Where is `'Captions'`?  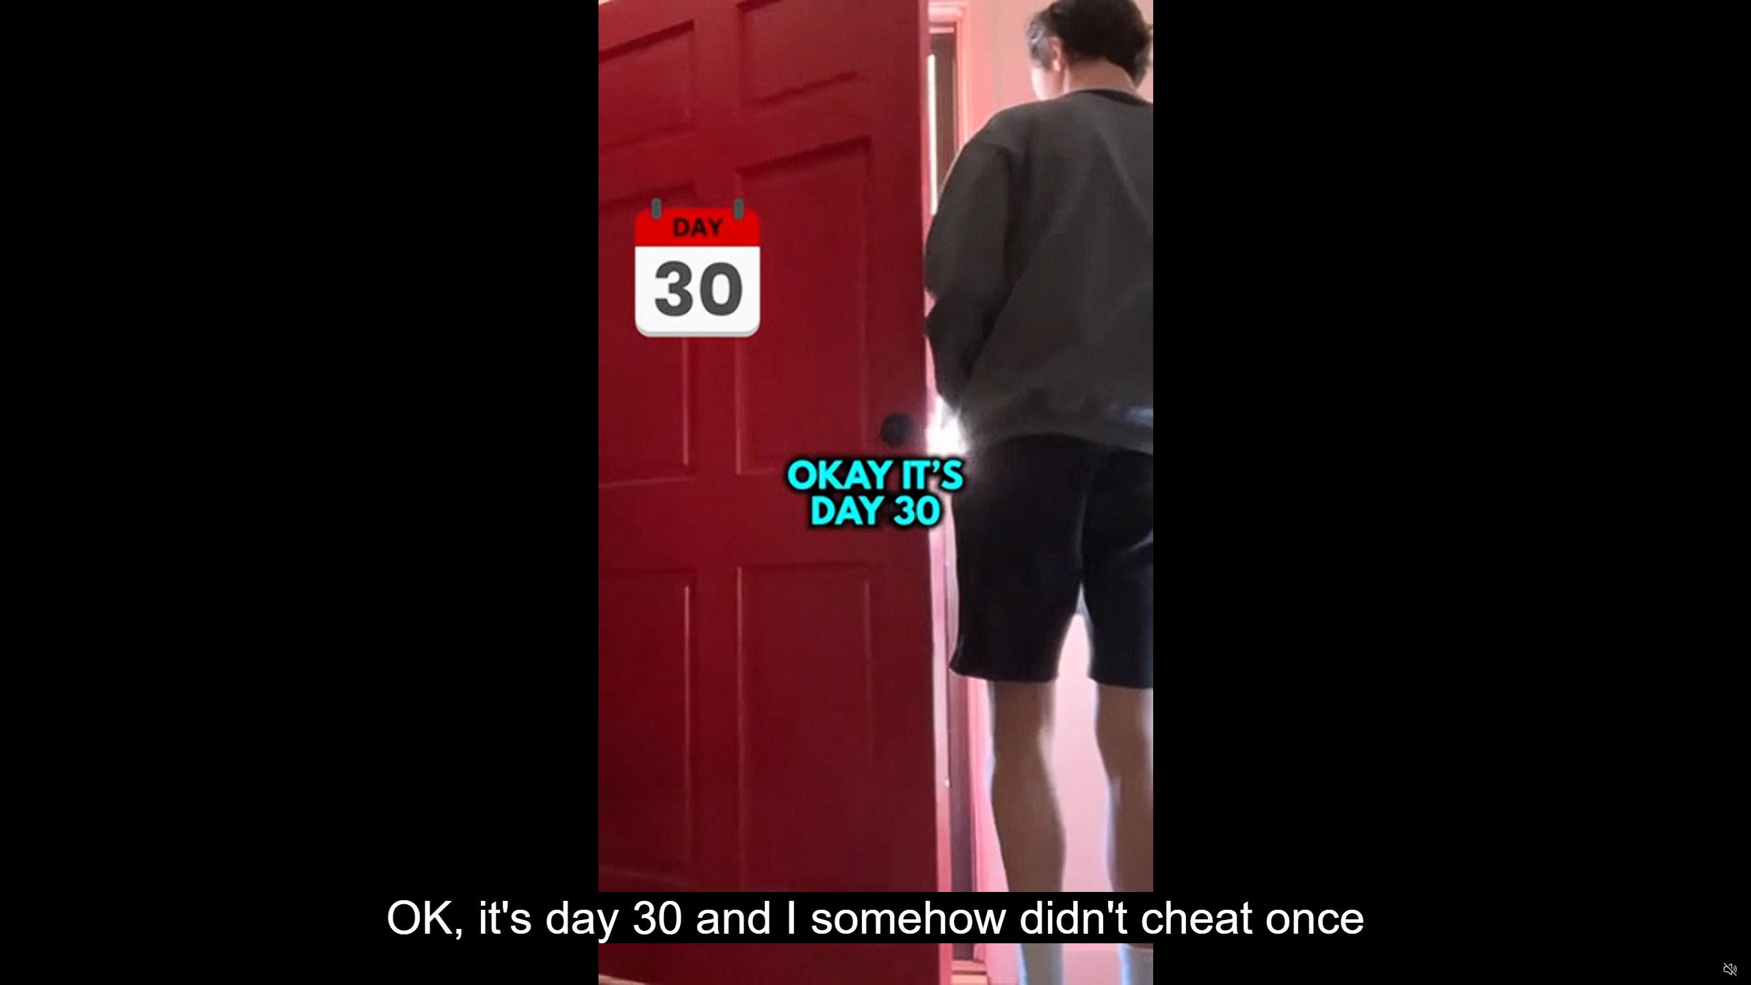 'Captions' is located at coordinates (1676, 969).